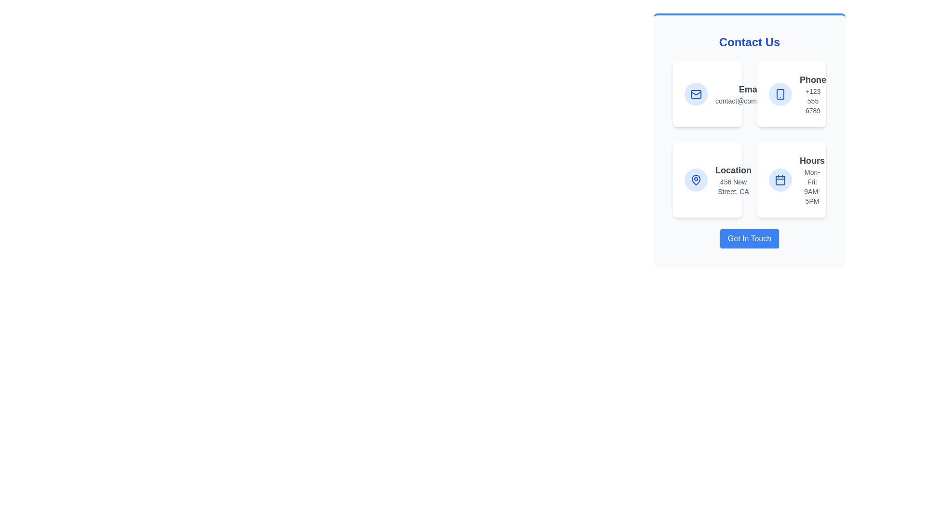 Image resolution: width=925 pixels, height=520 pixels. Describe the element at coordinates (780, 94) in the screenshot. I see `the rectangular SVG icon with rounded corners, located in the 'Phone' section, on the upper-right side of the 'Contact Us' card` at that location.